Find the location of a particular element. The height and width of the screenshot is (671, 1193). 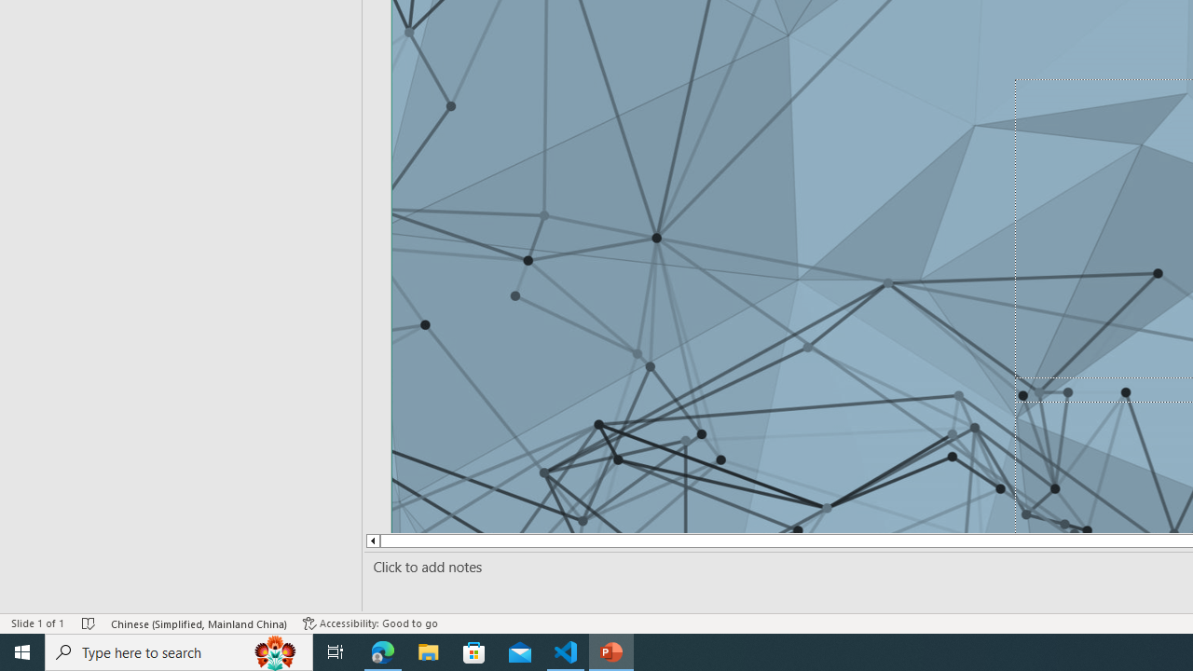

'Spell Check No Errors' is located at coordinates (89, 623).